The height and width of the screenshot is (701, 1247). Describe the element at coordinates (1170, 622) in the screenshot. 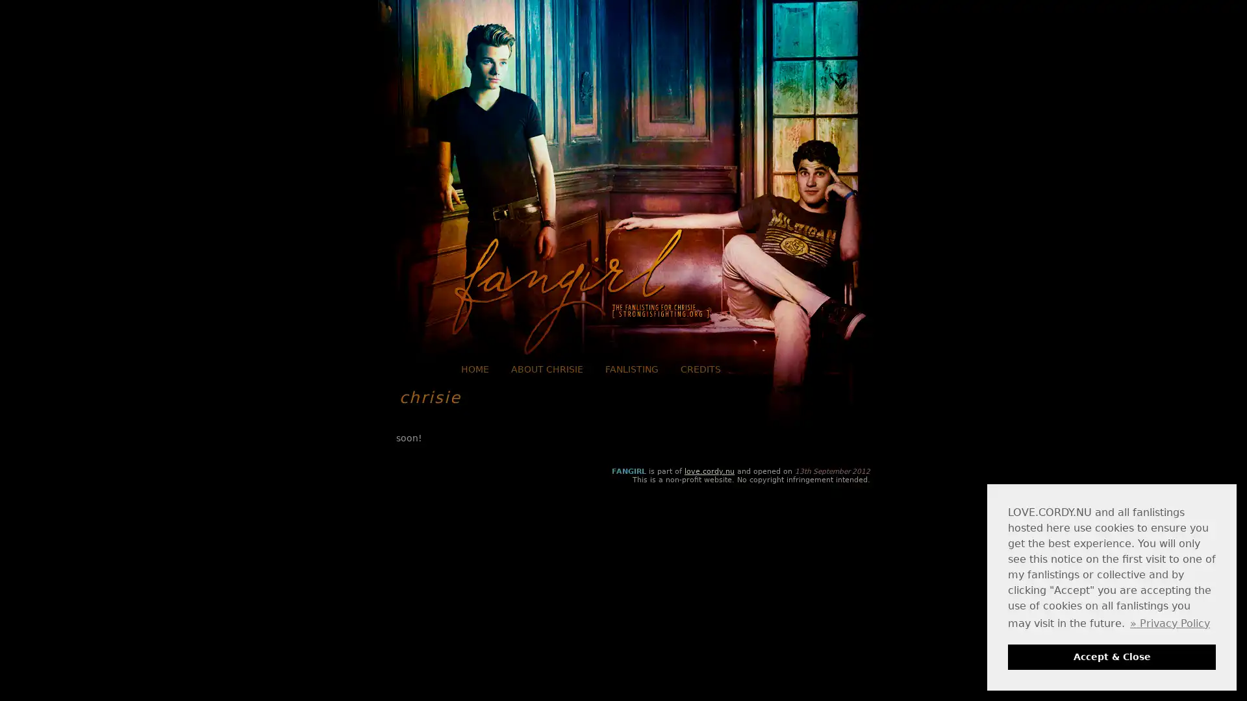

I see `learn more about cookies` at that location.